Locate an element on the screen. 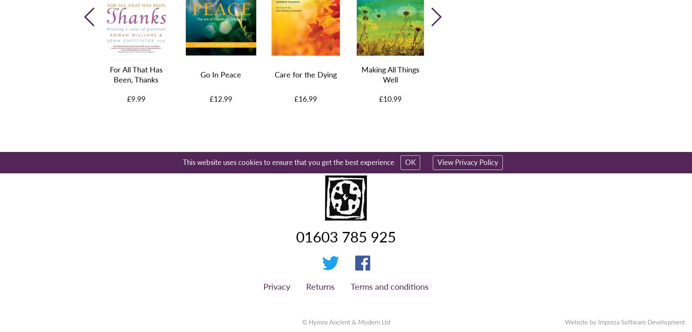 The image size is (692, 332). 'Care for the Dying' is located at coordinates (304, 74).